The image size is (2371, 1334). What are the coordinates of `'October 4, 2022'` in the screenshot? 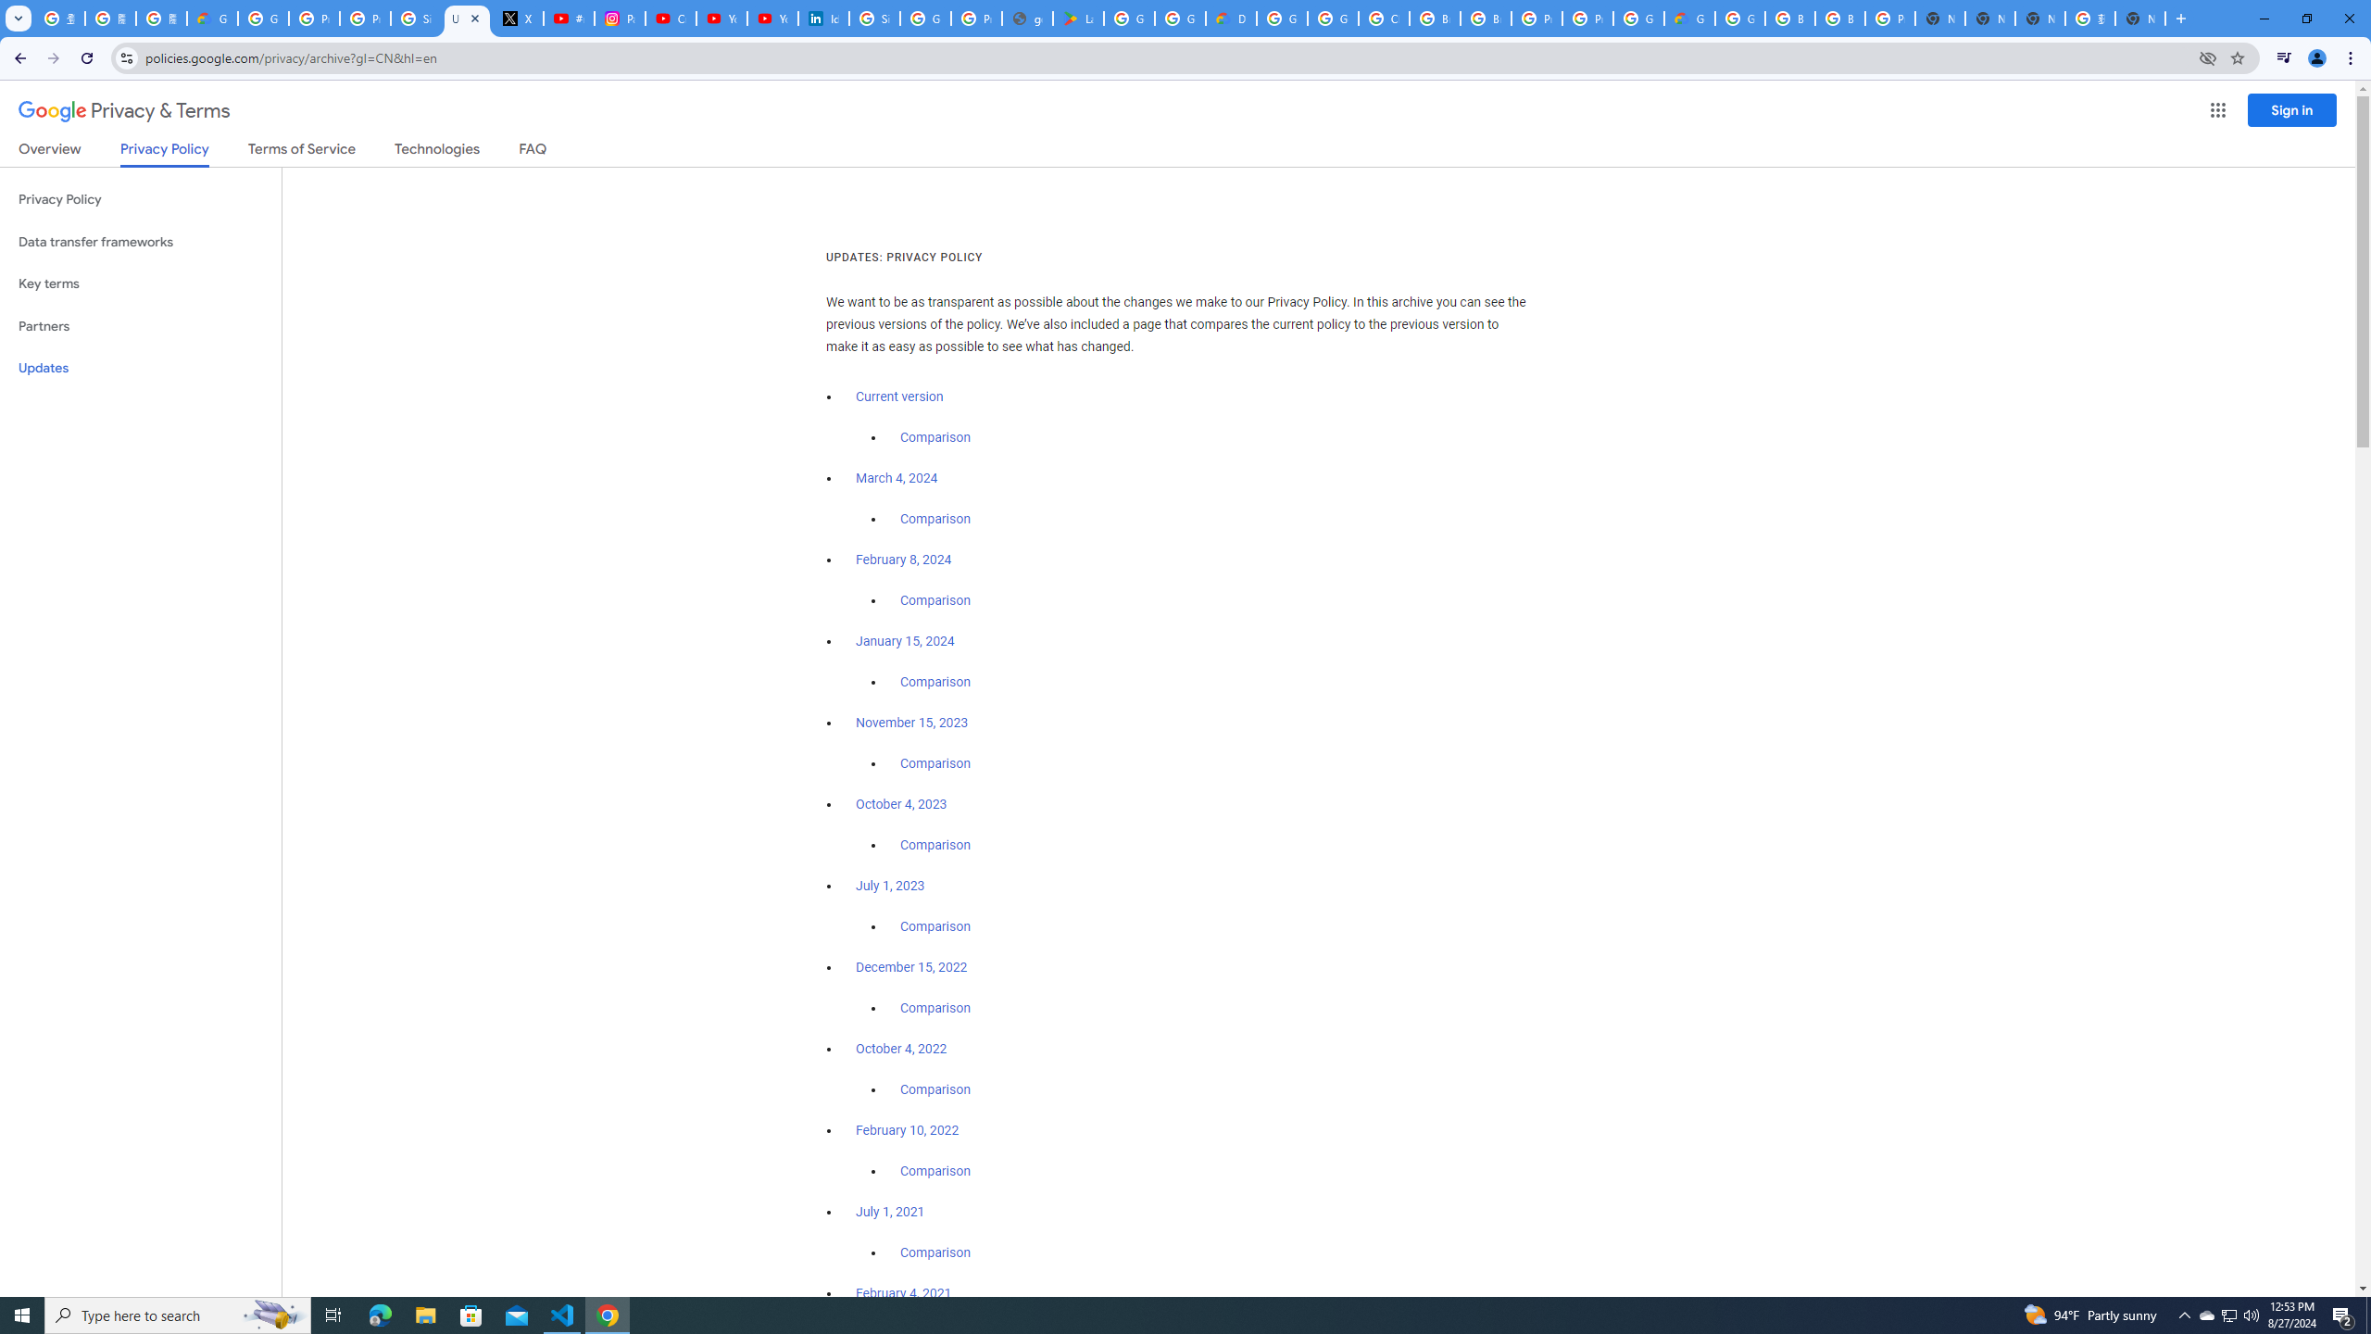 It's located at (902, 1047).